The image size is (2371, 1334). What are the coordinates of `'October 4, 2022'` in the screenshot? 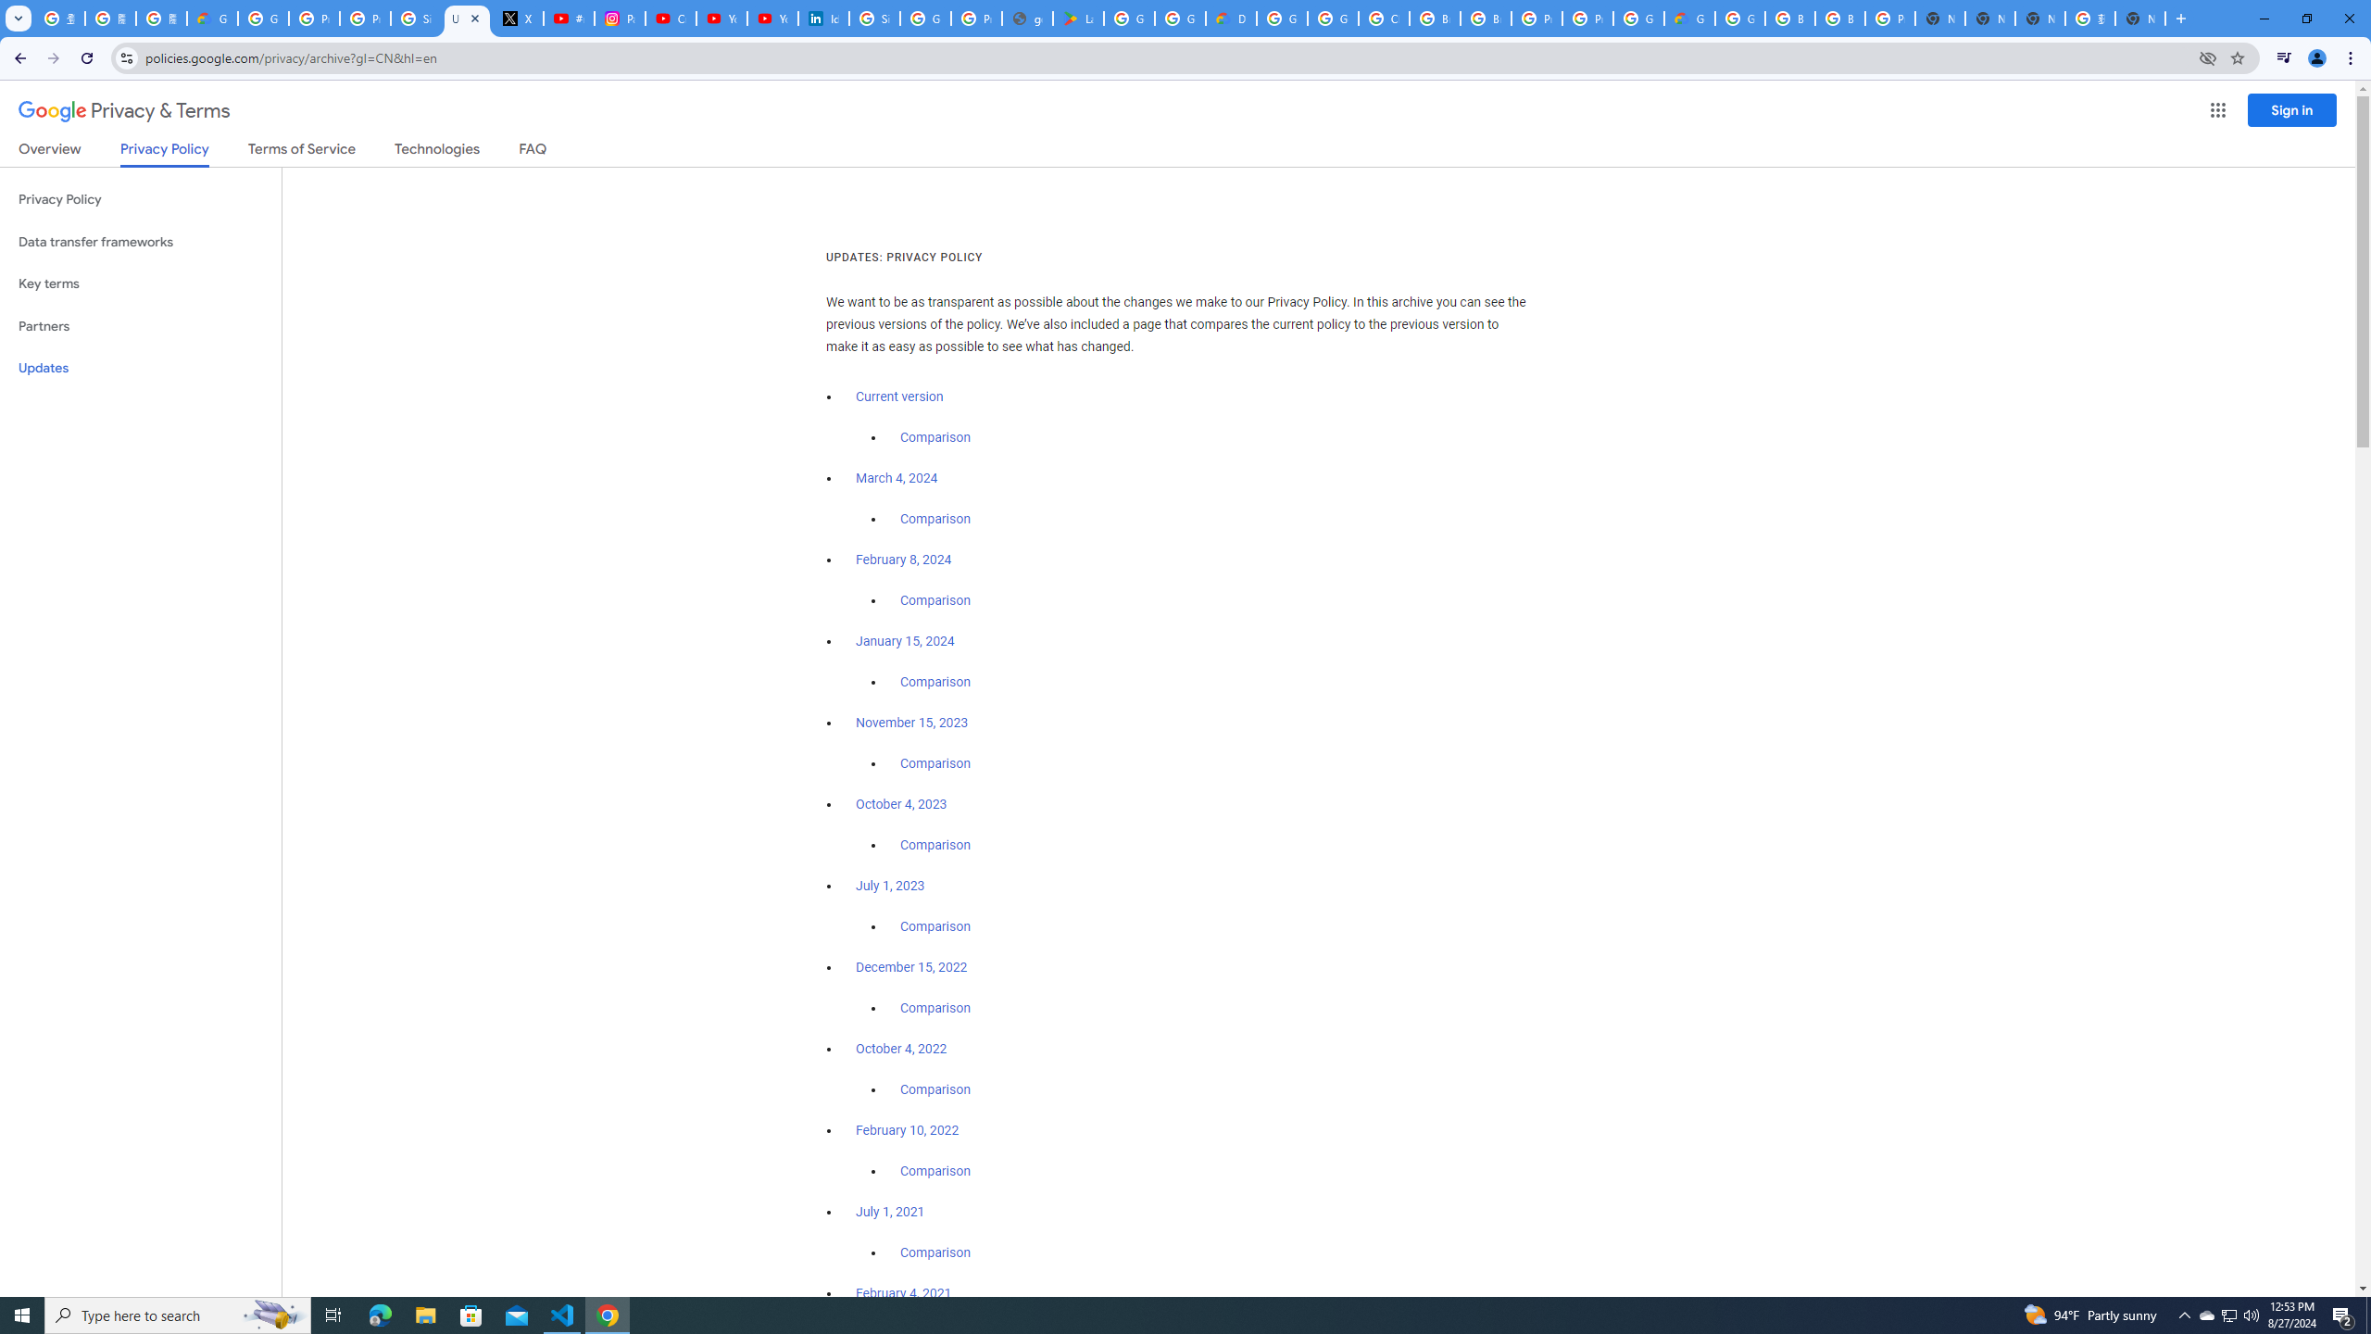 It's located at (902, 1047).